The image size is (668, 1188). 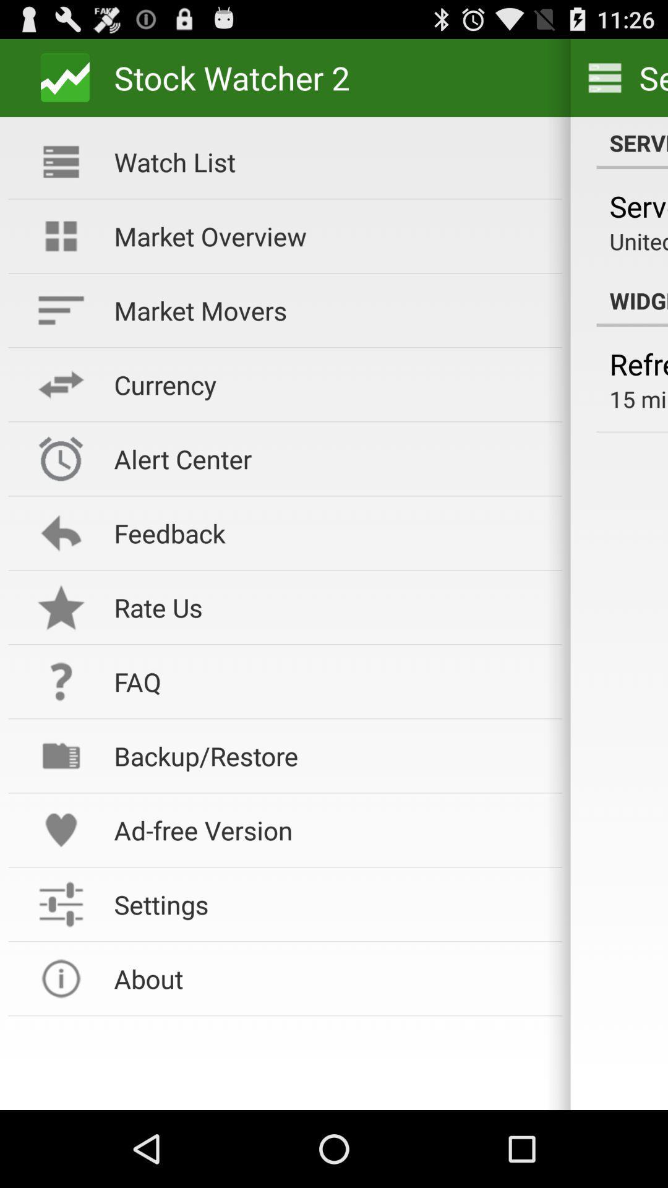 What do you see at coordinates (329, 607) in the screenshot?
I see `the rate us icon` at bounding box center [329, 607].